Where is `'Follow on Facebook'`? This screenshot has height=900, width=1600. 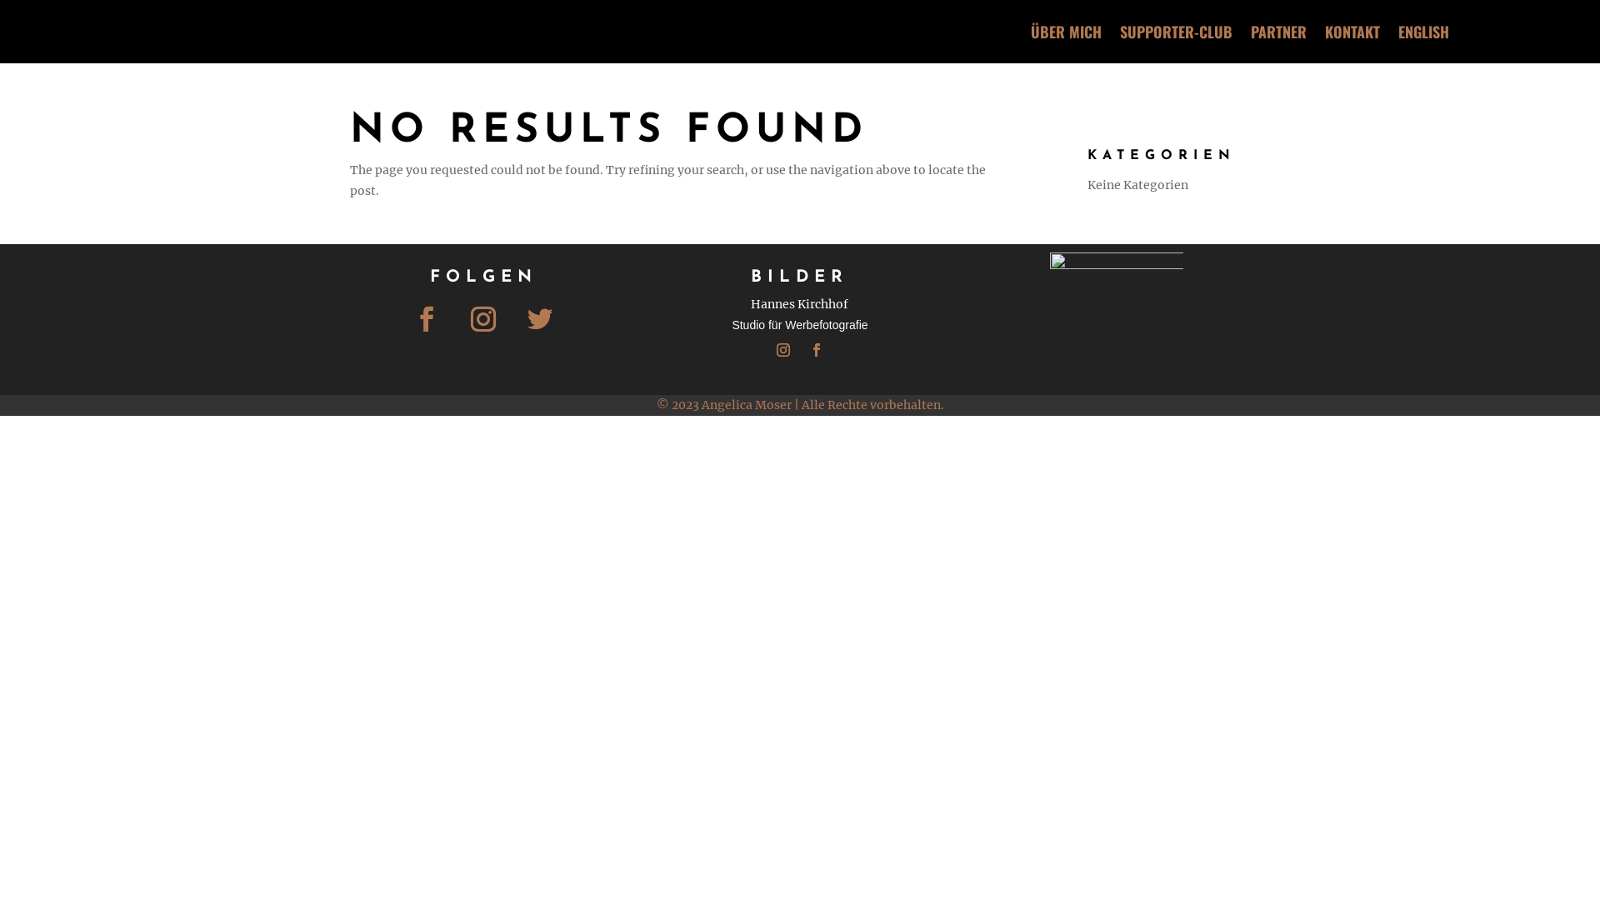
'Follow on Facebook' is located at coordinates (427, 318).